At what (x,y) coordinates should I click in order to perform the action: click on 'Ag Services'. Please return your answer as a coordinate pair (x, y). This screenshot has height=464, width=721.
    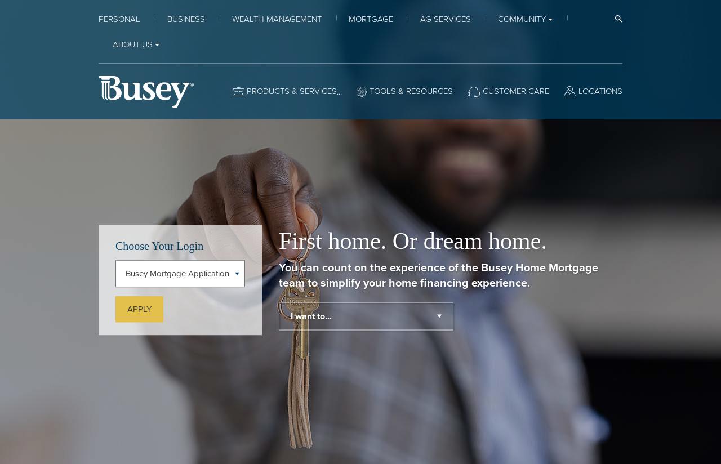
    Looking at the image, I should click on (445, 19).